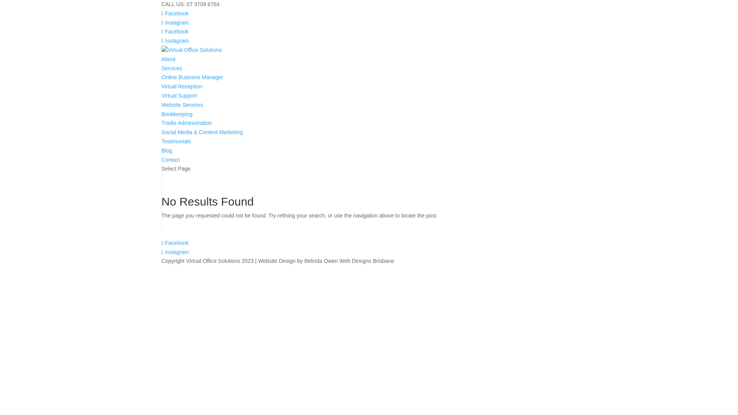 The height and width of the screenshot is (415, 738). What do you see at coordinates (161, 59) in the screenshot?
I see `'About'` at bounding box center [161, 59].